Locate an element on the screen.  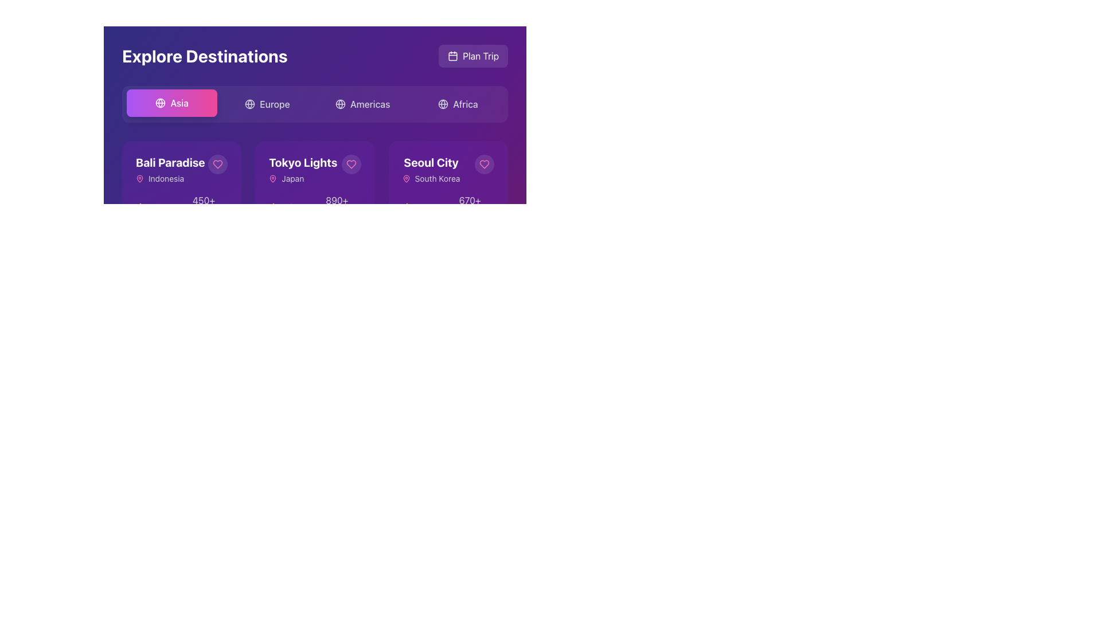
the circular globe icon located to the left of the 'Americas' text in the top navigation area under 'Explore Destinations' is located at coordinates (339, 104).